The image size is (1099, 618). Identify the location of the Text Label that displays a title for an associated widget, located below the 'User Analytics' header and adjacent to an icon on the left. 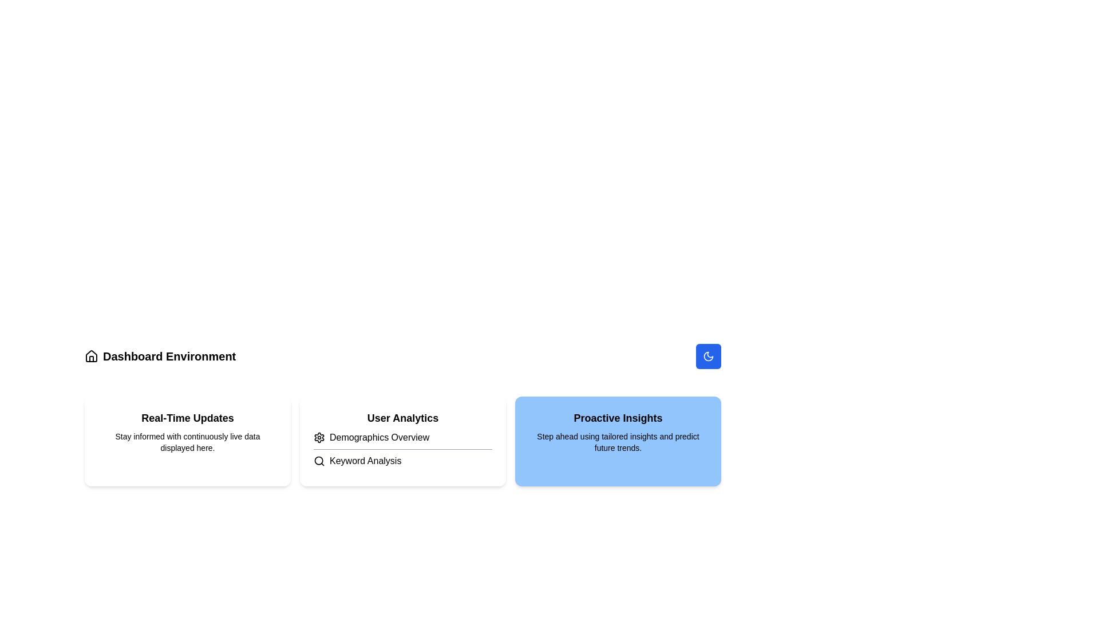
(379, 437).